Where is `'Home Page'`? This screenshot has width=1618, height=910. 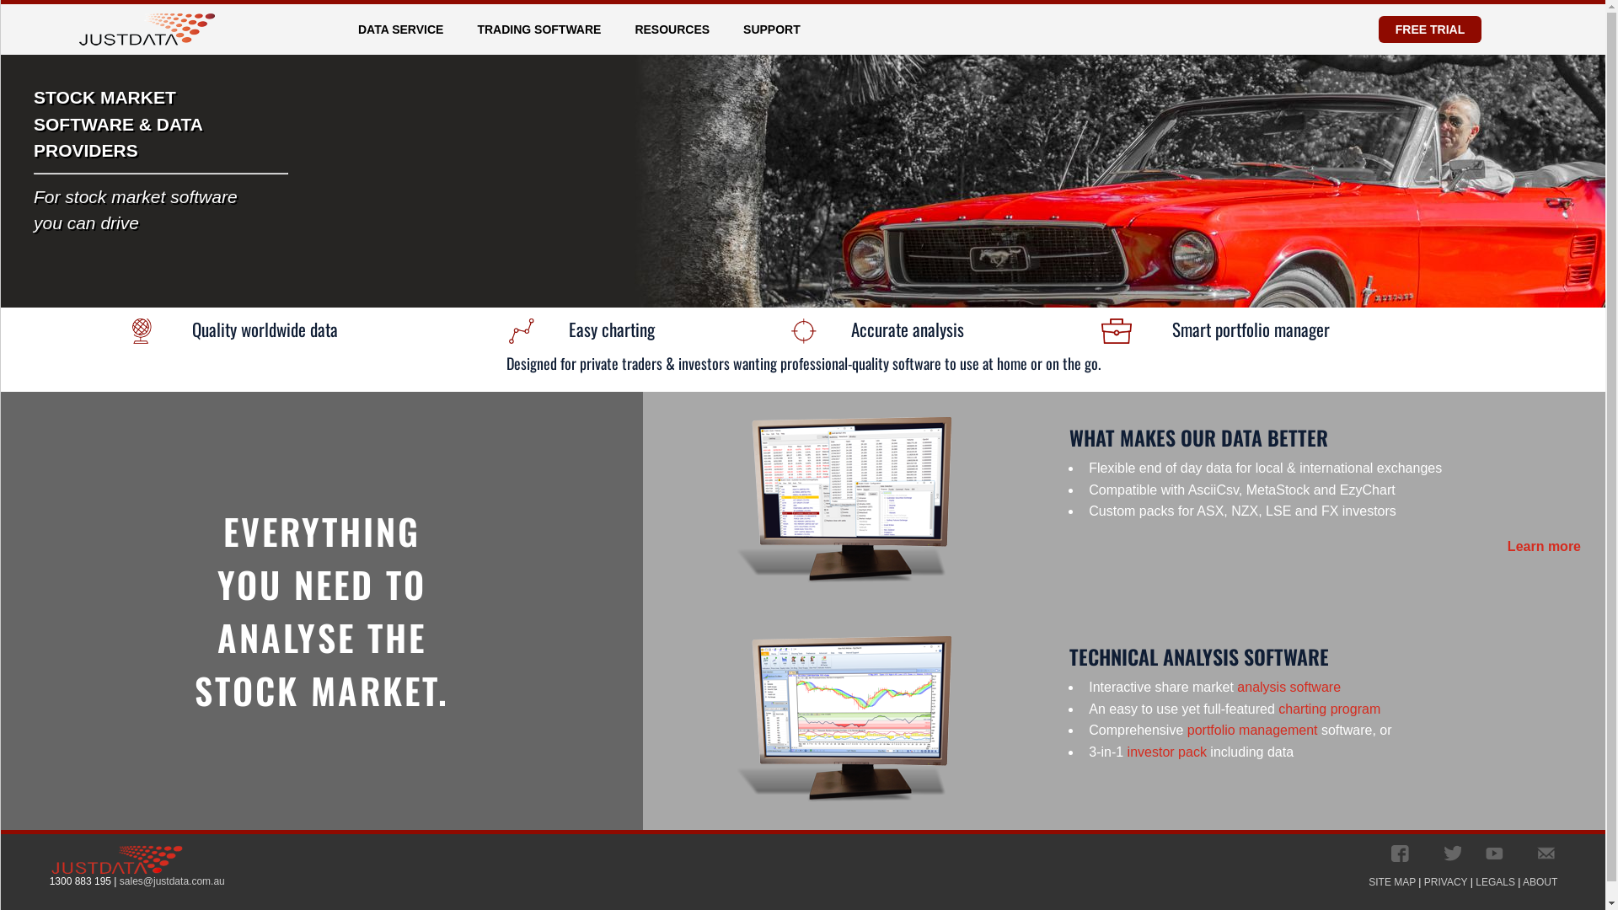 'Home Page' is located at coordinates (147, 22).